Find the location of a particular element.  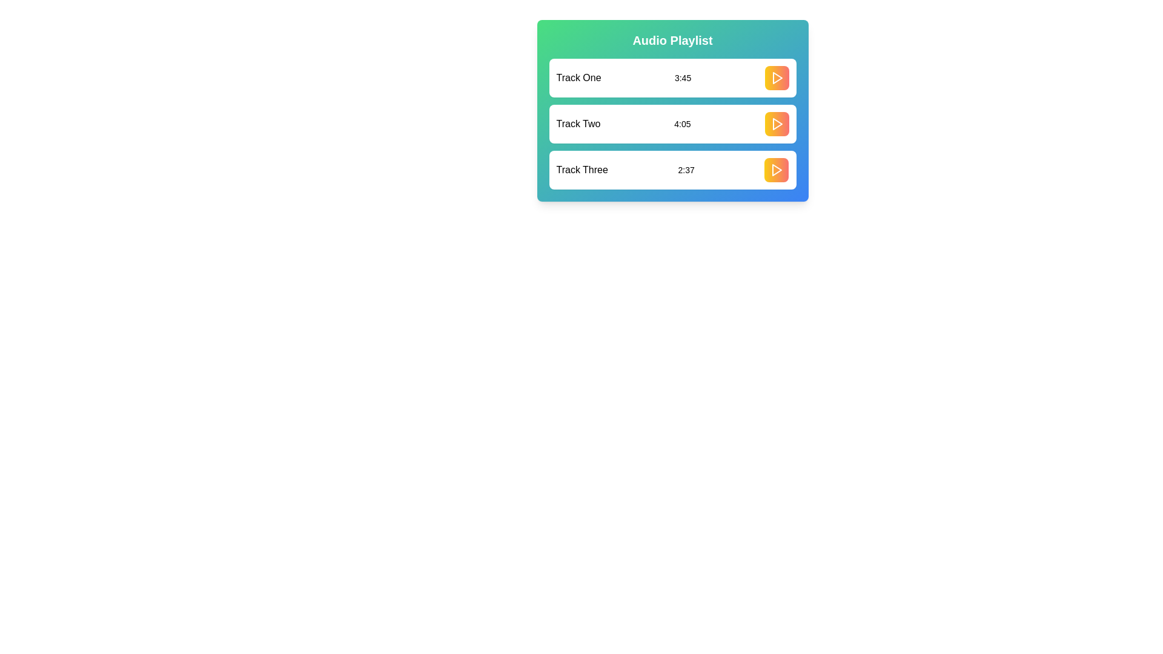

the Playlist Item displaying 'Track Two', which is the second card in the playlist panel is located at coordinates (672, 110).